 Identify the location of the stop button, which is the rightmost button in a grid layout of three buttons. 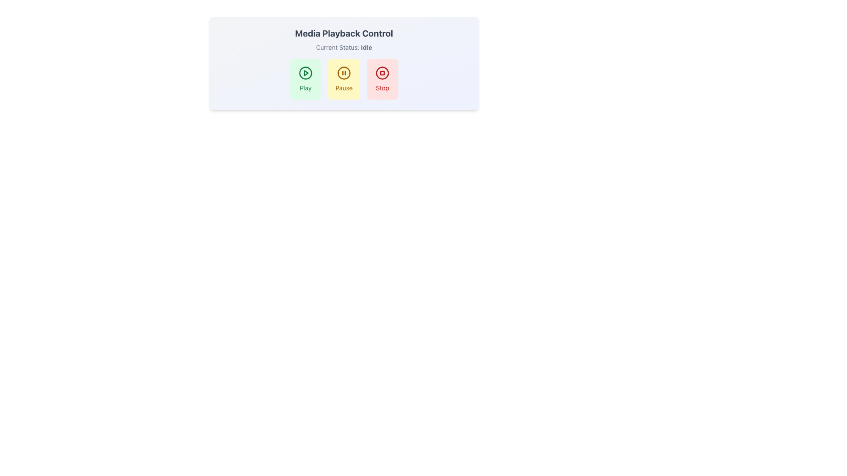
(382, 79).